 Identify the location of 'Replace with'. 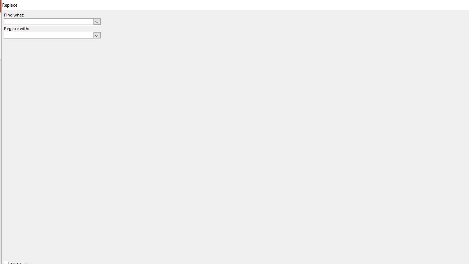
(48, 35).